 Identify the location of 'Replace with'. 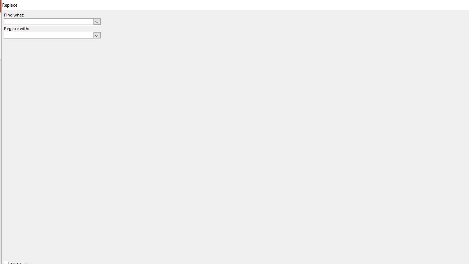
(48, 35).